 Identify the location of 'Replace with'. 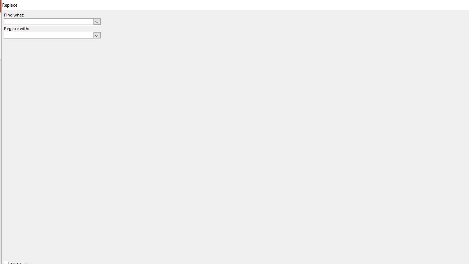
(48, 35).